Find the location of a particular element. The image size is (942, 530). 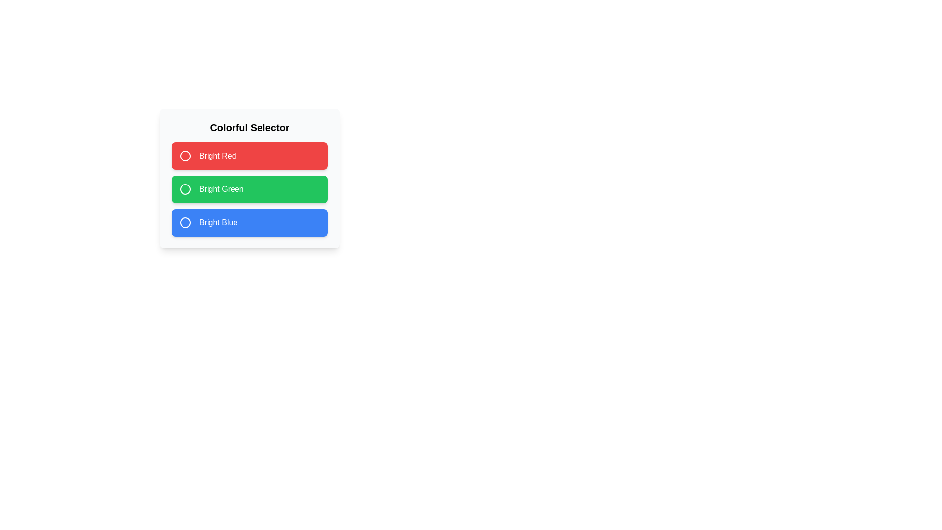

the 'Bright Green' button, which is a horizontally-aligned rectangular button with rounded corners and a bright green background, located below the 'Bright Red' button and above the 'Bright Blue' button is located at coordinates (249, 189).